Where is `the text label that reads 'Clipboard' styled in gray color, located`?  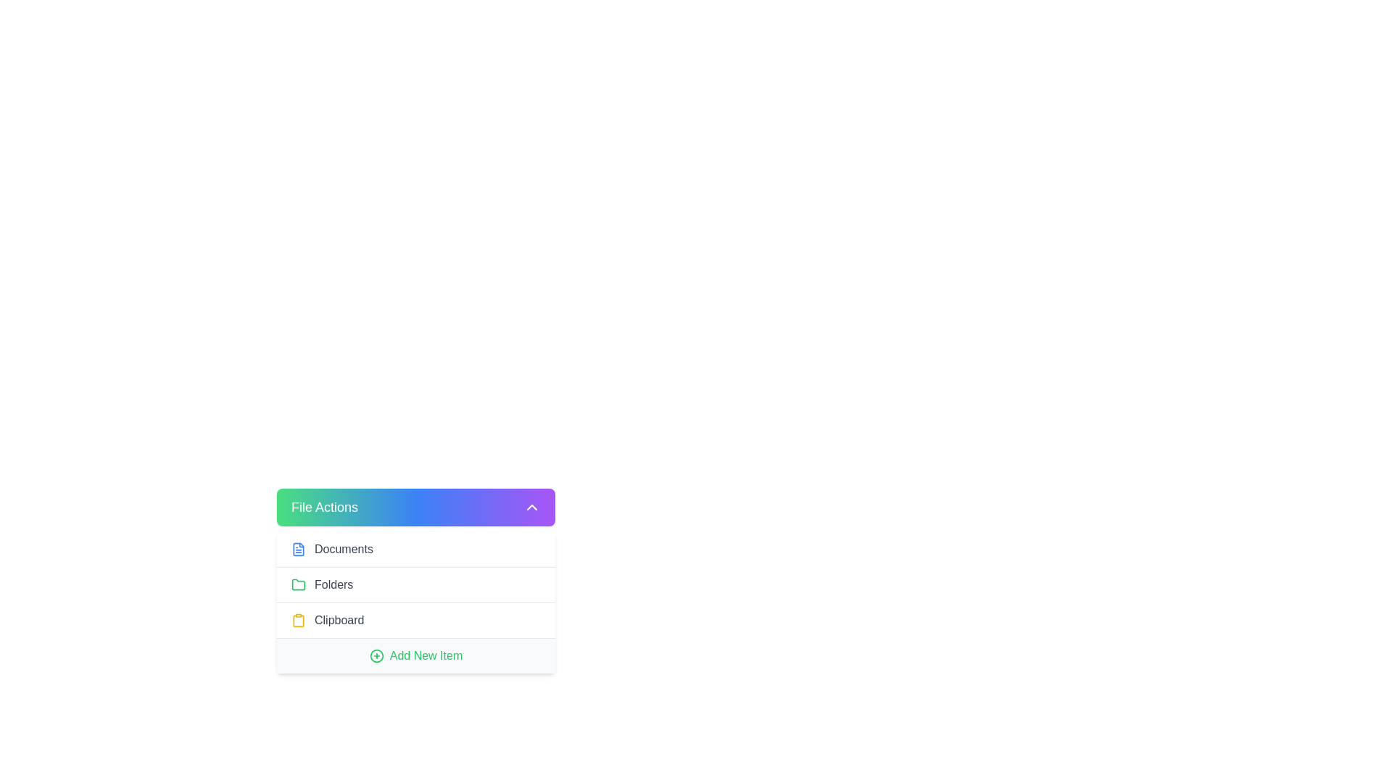 the text label that reads 'Clipboard' styled in gray color, located is located at coordinates (339, 620).